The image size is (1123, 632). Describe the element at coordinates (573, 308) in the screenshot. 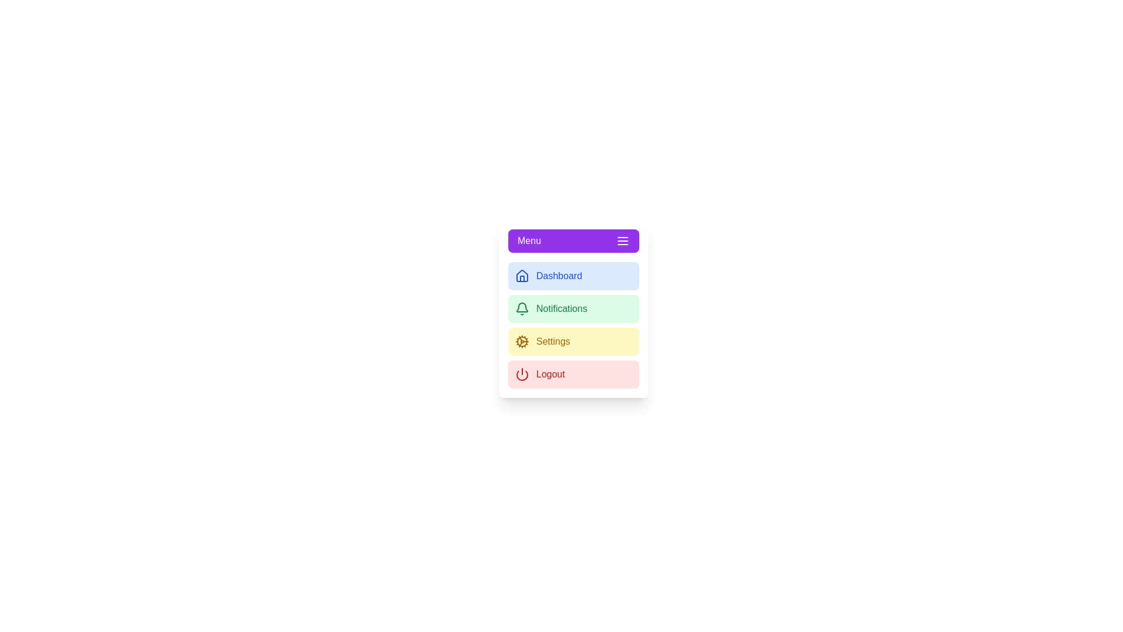

I see `the menu item Notifications to observe its hover effect` at that location.